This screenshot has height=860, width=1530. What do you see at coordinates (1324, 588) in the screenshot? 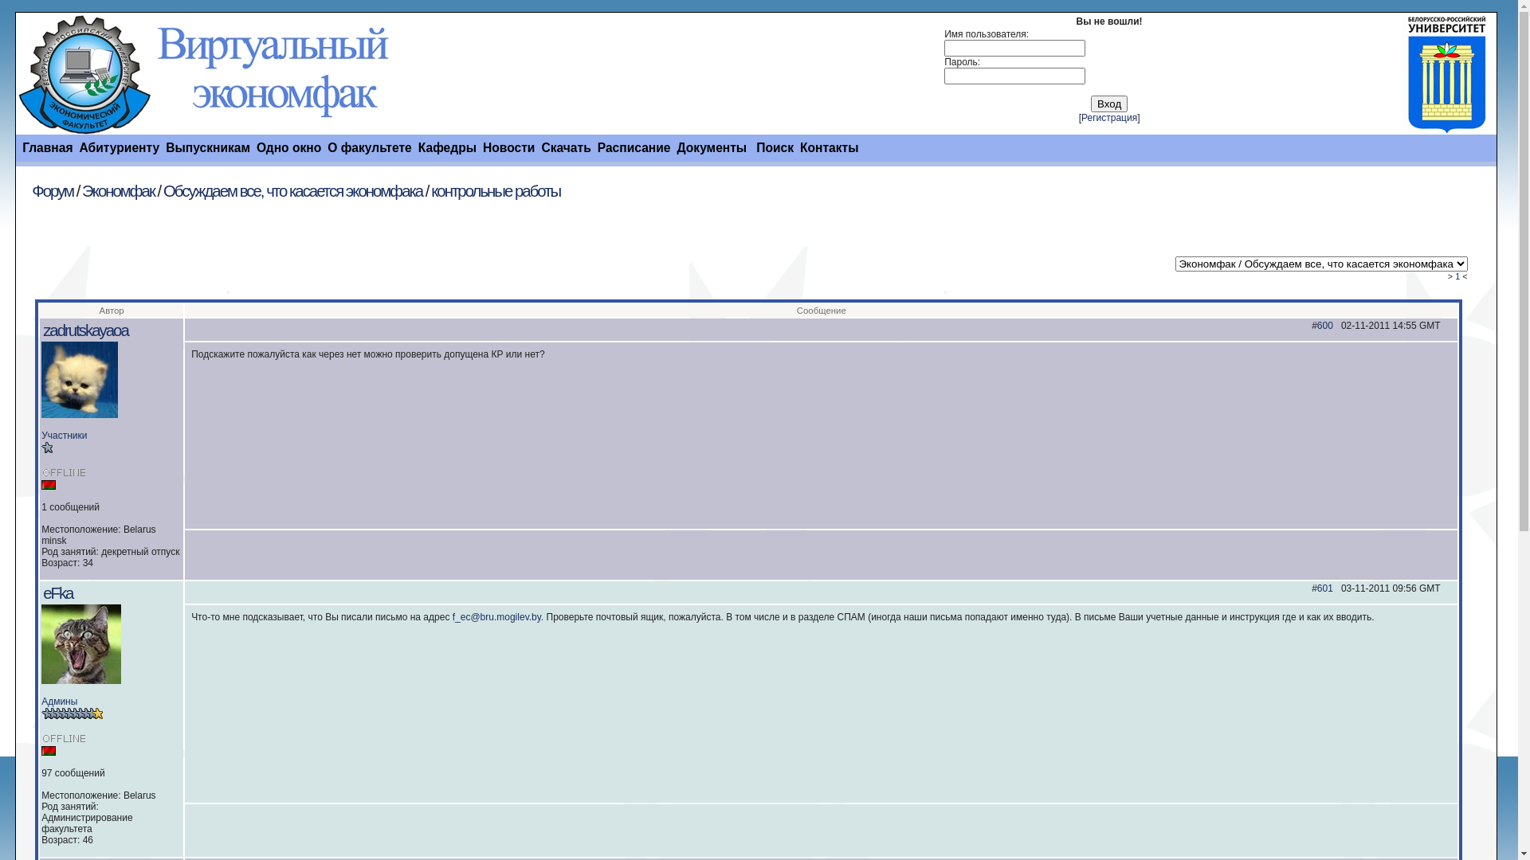
I see `'601'` at bounding box center [1324, 588].